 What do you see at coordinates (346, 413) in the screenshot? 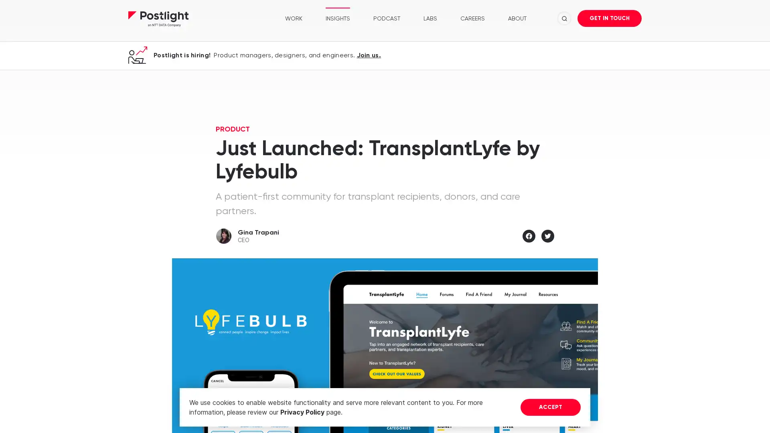
I see `learn more about cookies` at bounding box center [346, 413].